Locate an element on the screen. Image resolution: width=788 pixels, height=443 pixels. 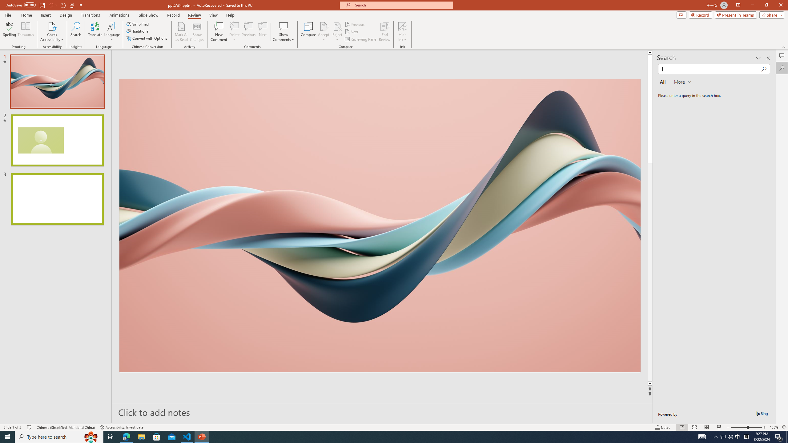
'Accept' is located at coordinates (324, 32).